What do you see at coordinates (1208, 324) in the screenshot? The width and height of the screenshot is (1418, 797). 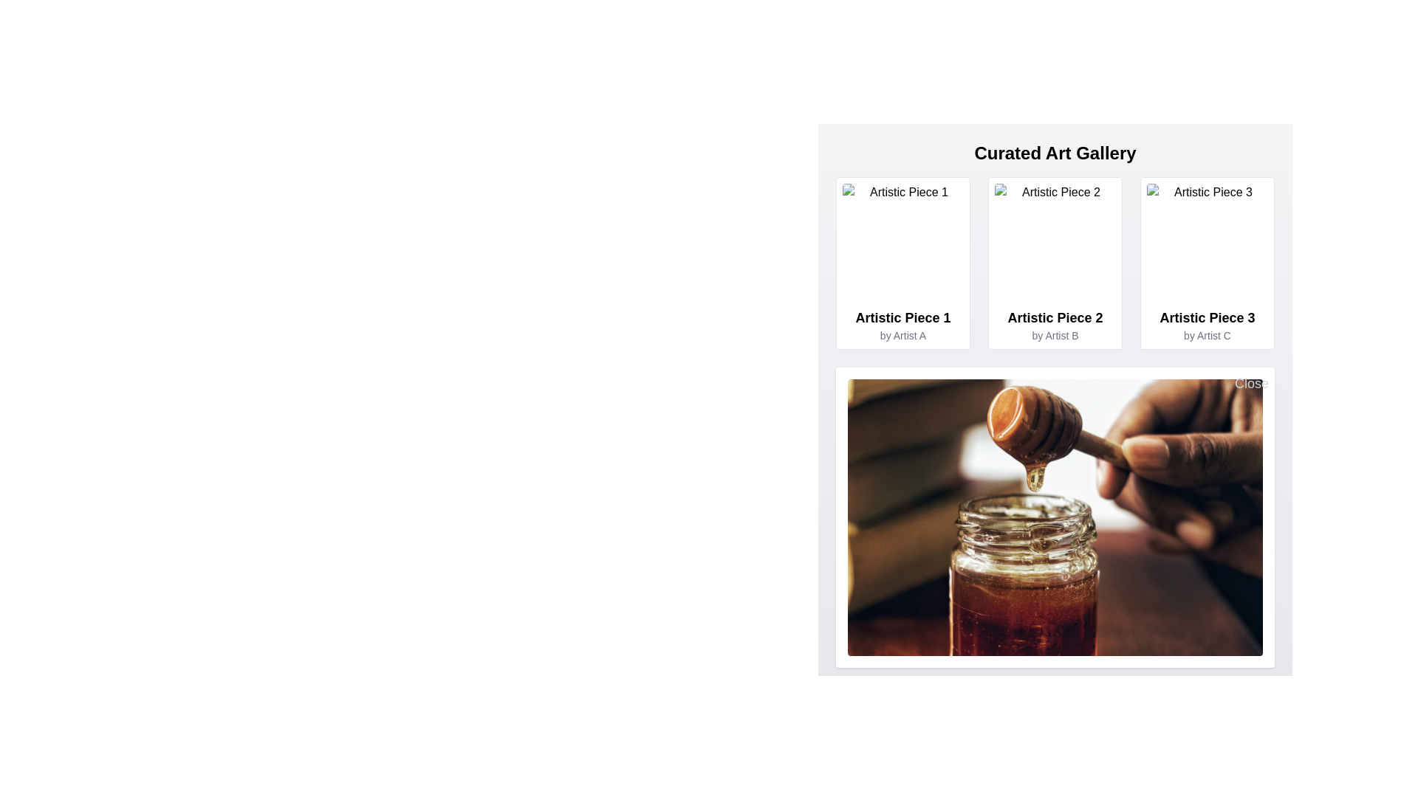 I see `the text label describing 'Artistic Piece 3' and its creator 'by Artist C', located below the image thumbnail of the third artistic piece in the grid` at bounding box center [1208, 324].